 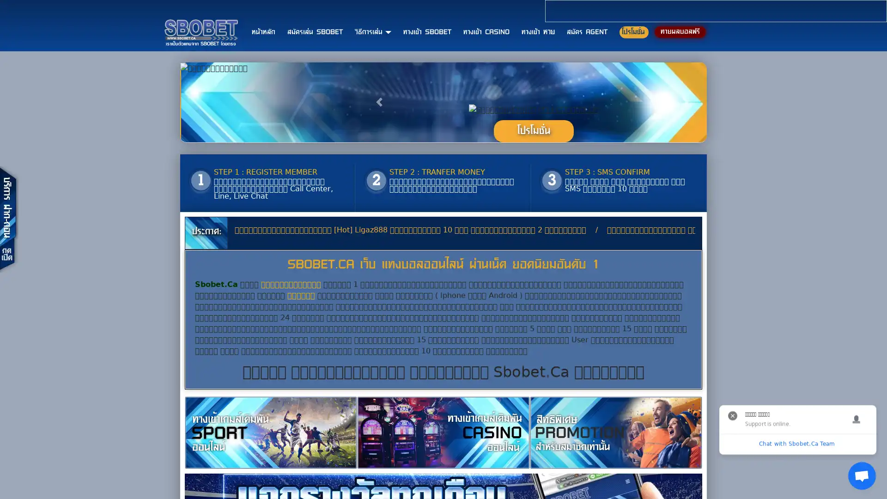 I want to click on Previous, so click(x=380, y=176).